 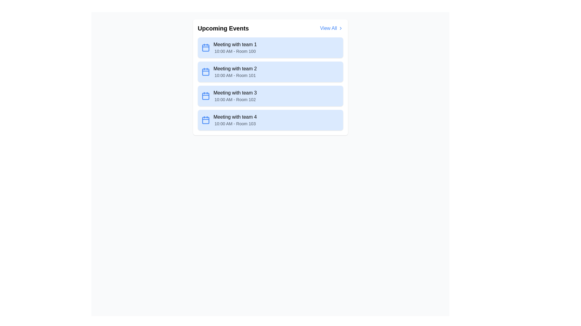 I want to click on the third informational card in the 'Upcoming Events' panel that displays details about the meeting with subject 'Meeting with team 3', time '10:00 AM', and location 'Room 102', so click(x=270, y=95).